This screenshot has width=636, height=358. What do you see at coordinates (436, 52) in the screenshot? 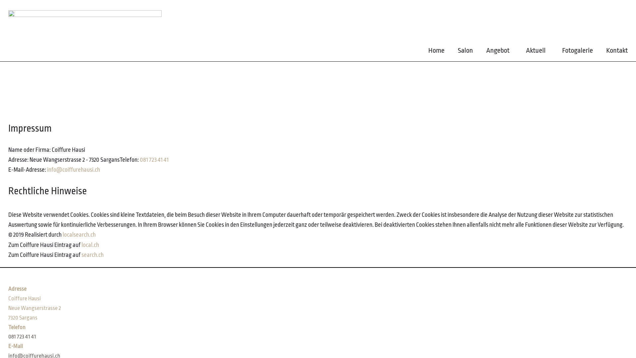
I see `'Home'` at bounding box center [436, 52].